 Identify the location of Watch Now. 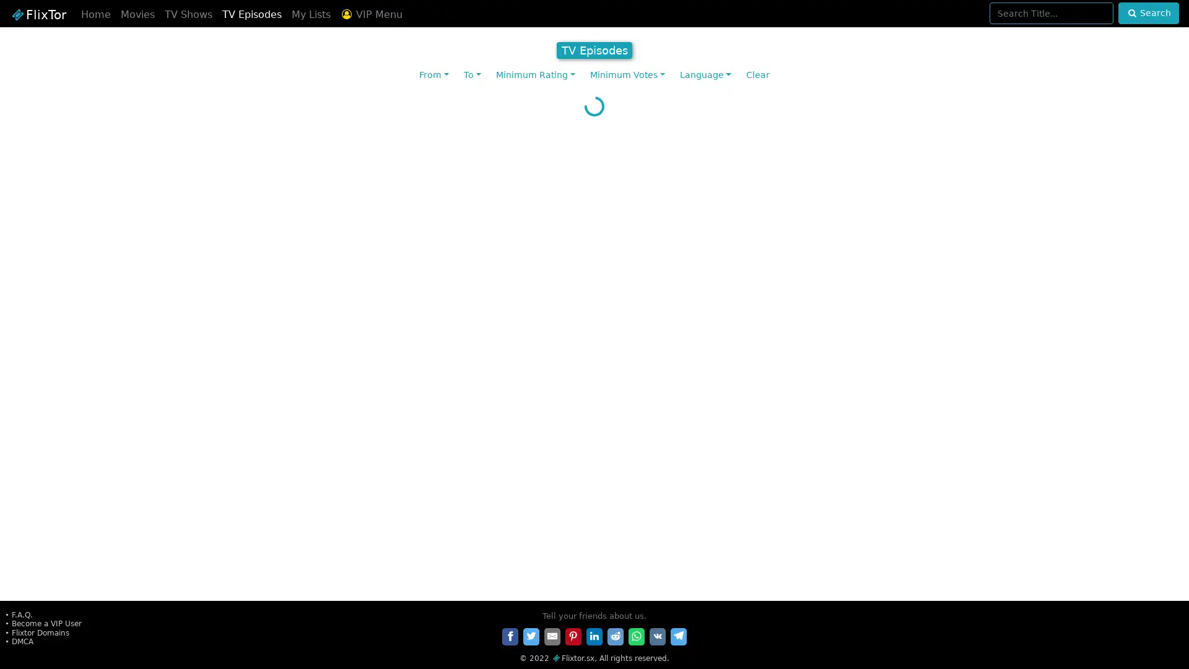
(806, 585).